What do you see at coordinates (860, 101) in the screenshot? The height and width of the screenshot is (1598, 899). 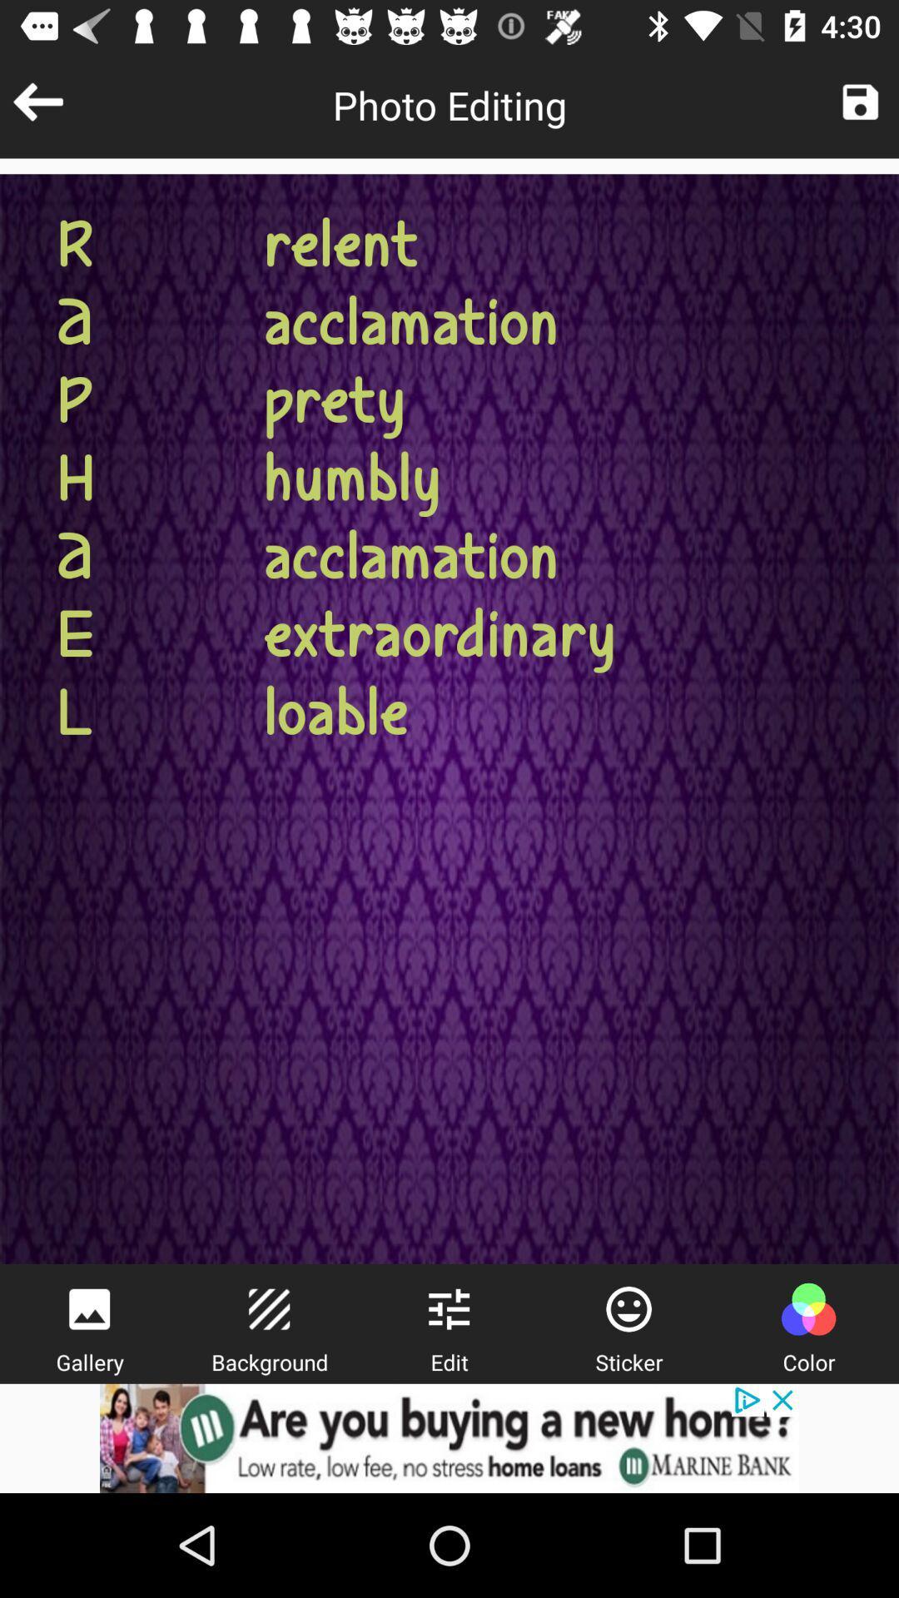 I see `the photo` at bounding box center [860, 101].